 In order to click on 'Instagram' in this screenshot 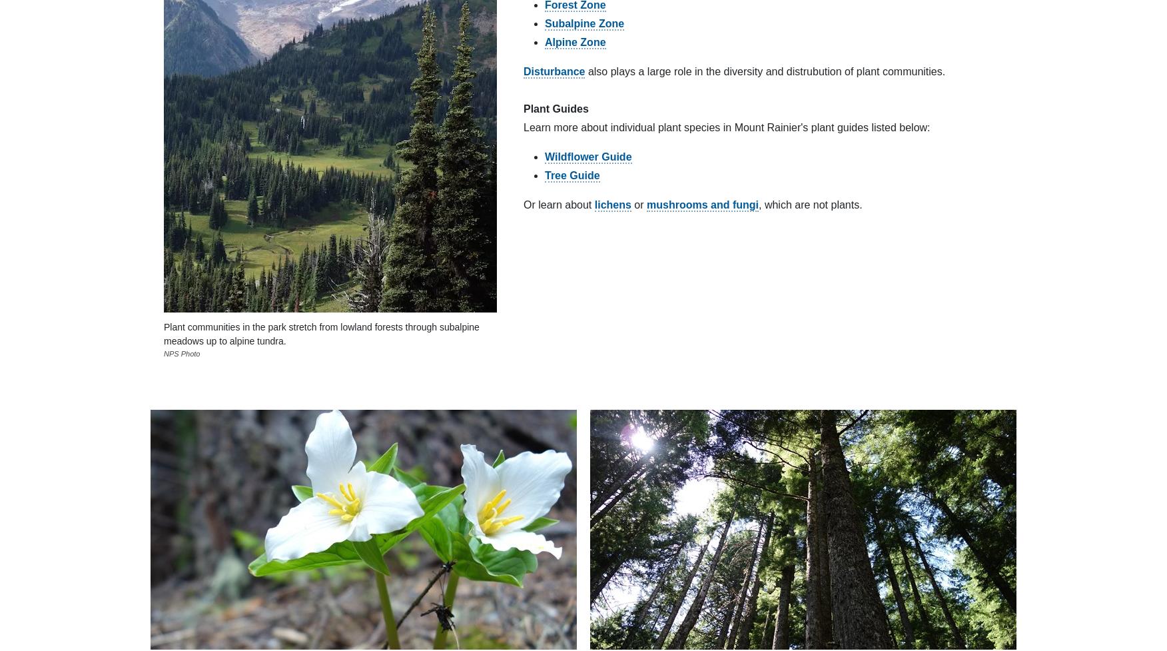, I will do `click(848, 326)`.